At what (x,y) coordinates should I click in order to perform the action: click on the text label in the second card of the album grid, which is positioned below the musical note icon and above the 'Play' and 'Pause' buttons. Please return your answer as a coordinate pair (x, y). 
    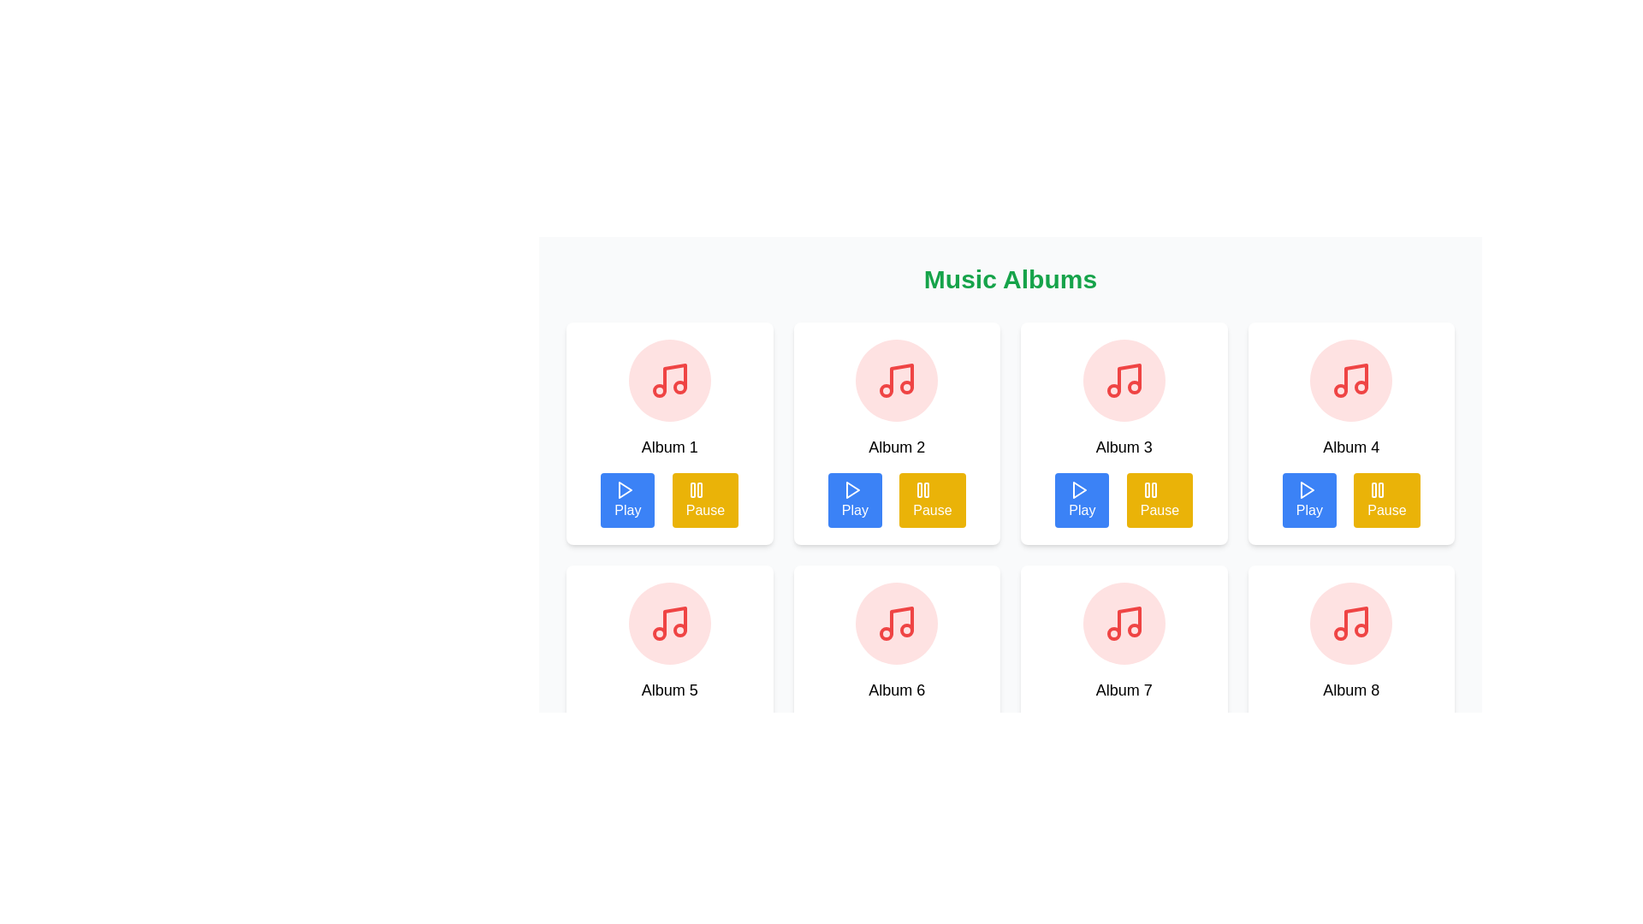
    Looking at the image, I should click on (896, 447).